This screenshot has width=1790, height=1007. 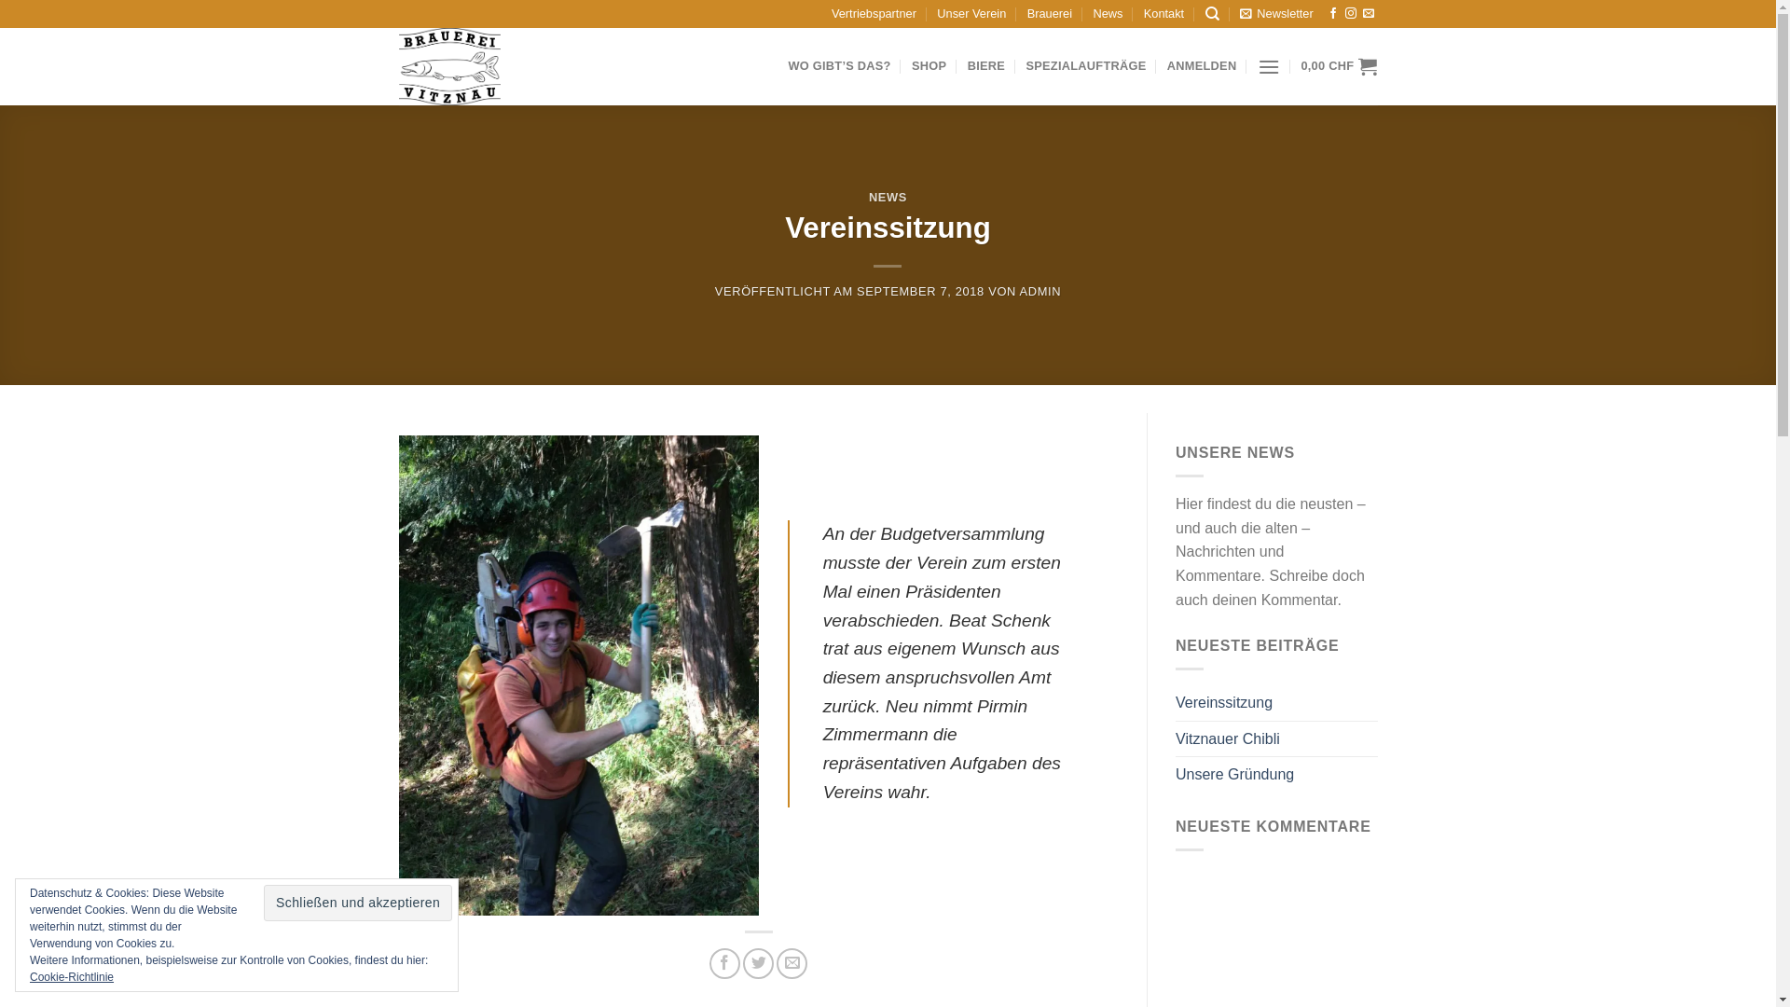 What do you see at coordinates (1163, 14) in the screenshot?
I see `'Kontakt'` at bounding box center [1163, 14].